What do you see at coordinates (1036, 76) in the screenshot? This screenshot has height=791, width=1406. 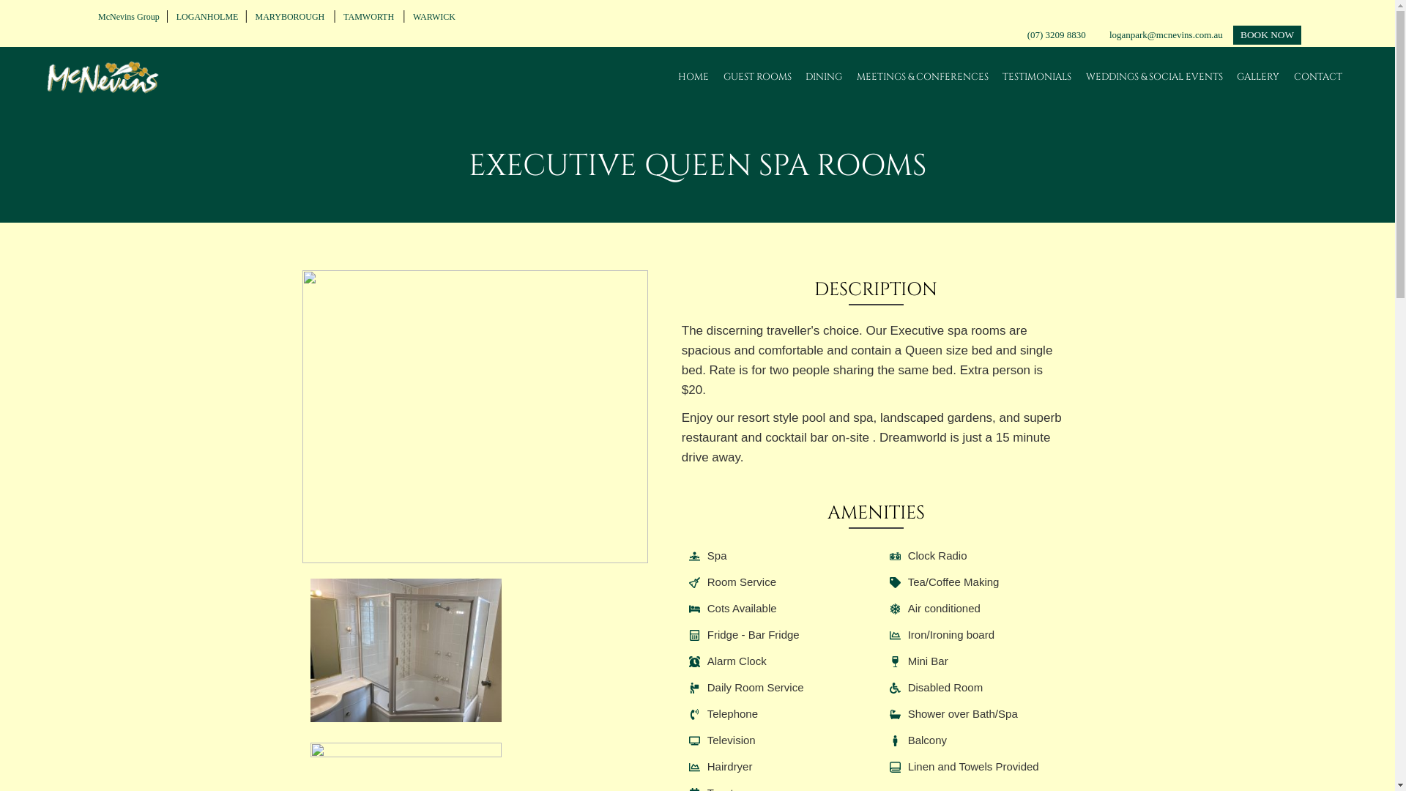 I see `'TESTIMONIALS'` at bounding box center [1036, 76].